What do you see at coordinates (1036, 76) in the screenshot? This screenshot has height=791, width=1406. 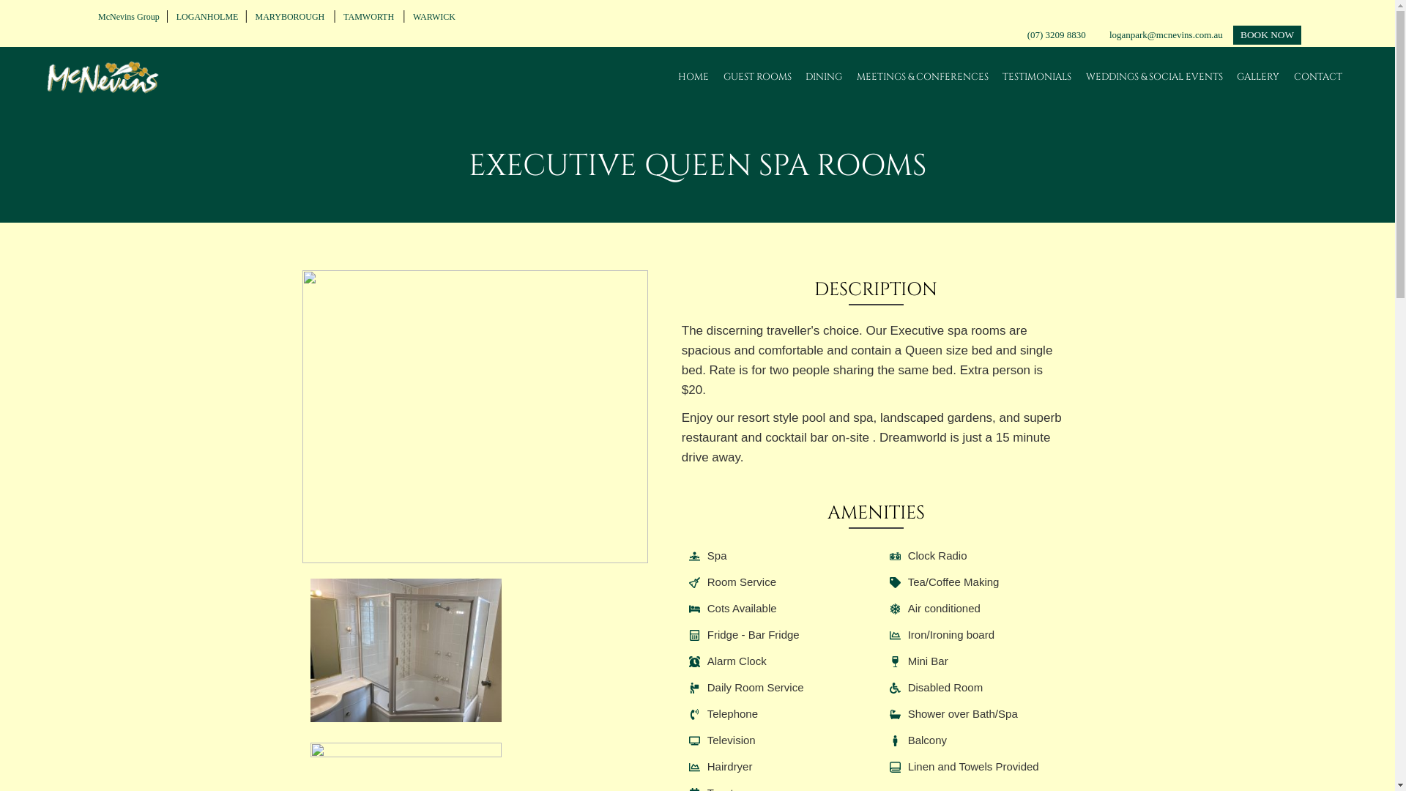 I see `'TESTIMONIALS'` at bounding box center [1036, 76].